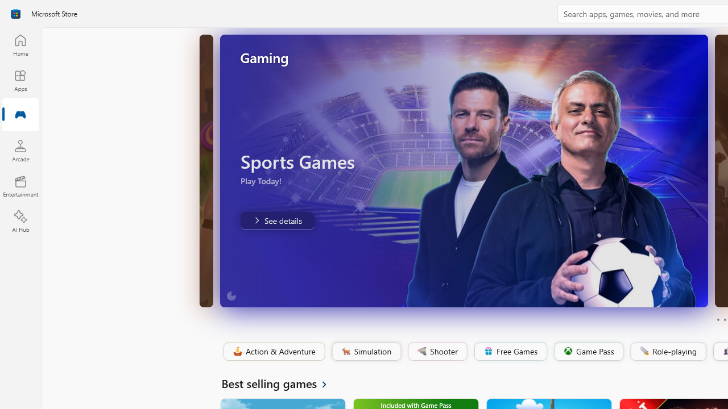 The width and height of the screenshot is (728, 409). What do you see at coordinates (20, 80) in the screenshot?
I see `'Apps'` at bounding box center [20, 80].